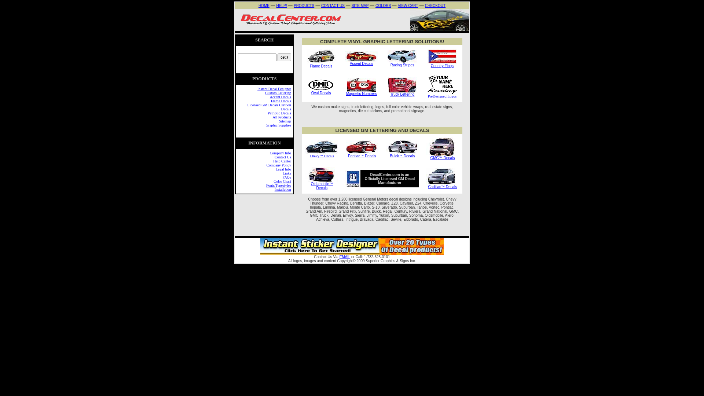 Image resolution: width=704 pixels, height=396 pixels. Describe the element at coordinates (264, 5) in the screenshot. I see `'HOME'` at that location.